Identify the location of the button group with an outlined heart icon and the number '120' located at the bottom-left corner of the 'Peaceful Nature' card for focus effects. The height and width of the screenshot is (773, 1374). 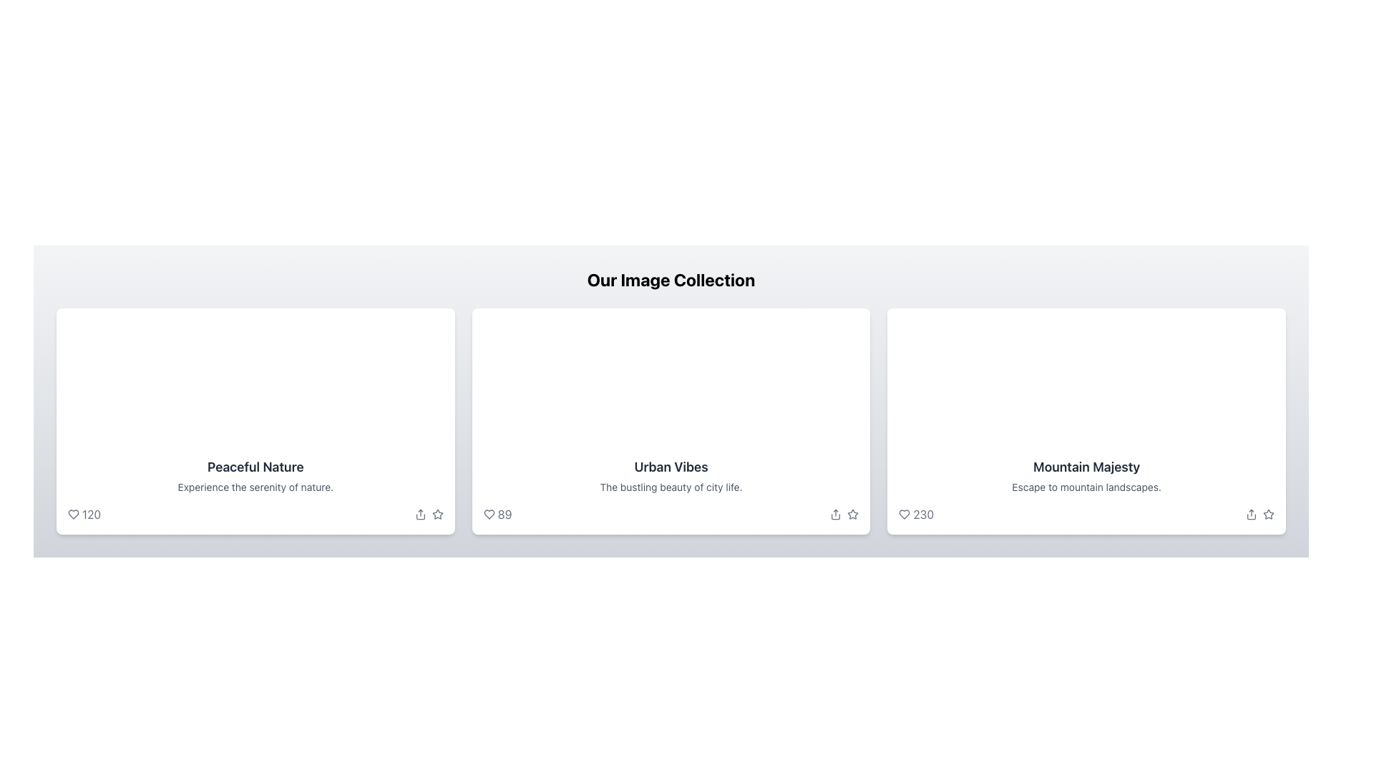
(84, 513).